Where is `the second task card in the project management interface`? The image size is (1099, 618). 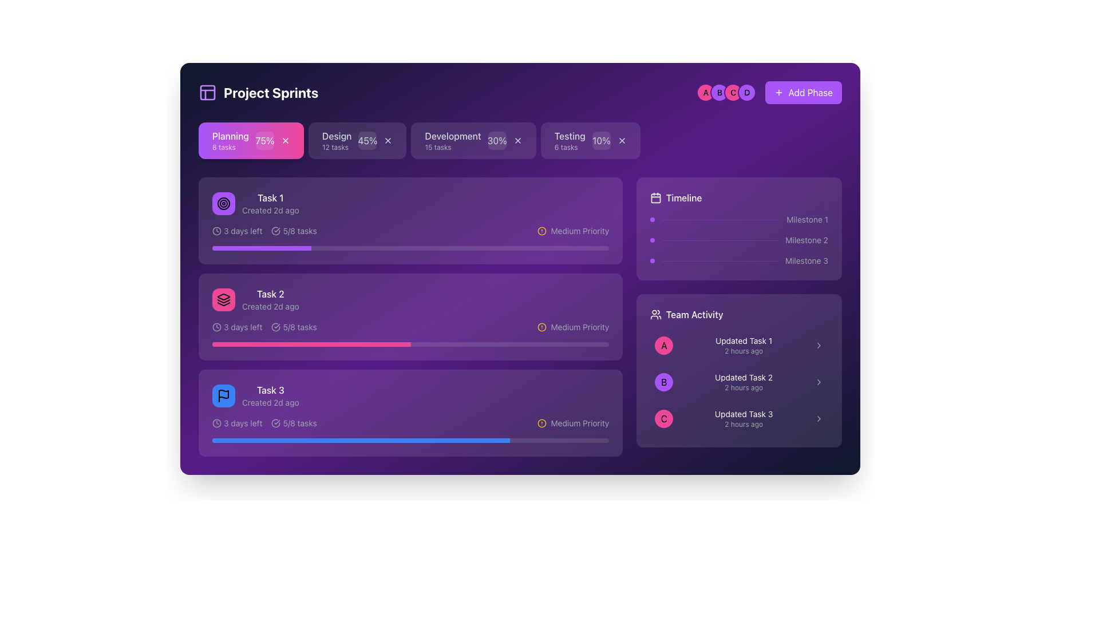
the second task card in the project management interface is located at coordinates (410, 317).